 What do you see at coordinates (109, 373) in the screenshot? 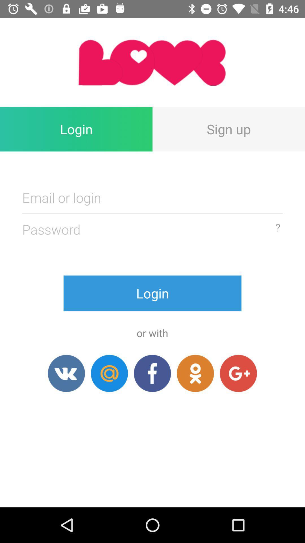
I see `button below login` at bounding box center [109, 373].